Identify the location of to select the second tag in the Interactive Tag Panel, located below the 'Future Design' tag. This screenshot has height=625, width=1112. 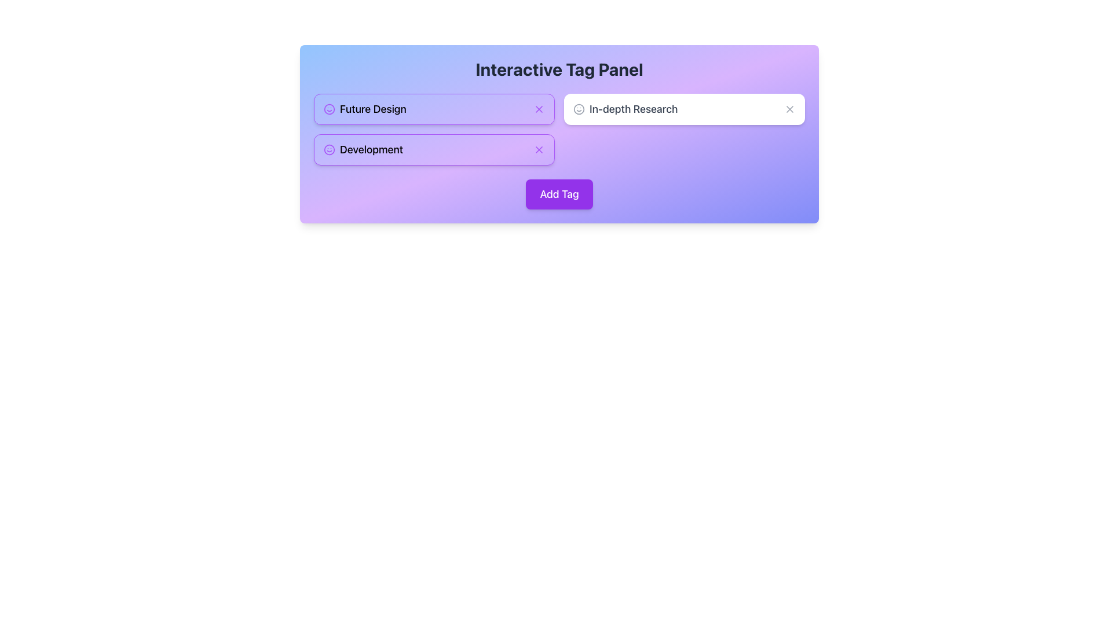
(363, 149).